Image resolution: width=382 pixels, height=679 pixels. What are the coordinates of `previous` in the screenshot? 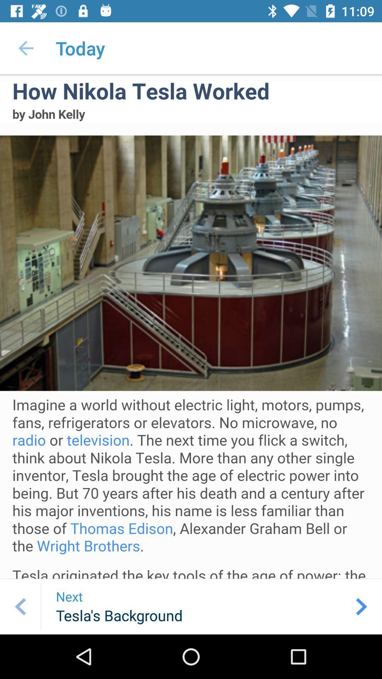 It's located at (20, 606).